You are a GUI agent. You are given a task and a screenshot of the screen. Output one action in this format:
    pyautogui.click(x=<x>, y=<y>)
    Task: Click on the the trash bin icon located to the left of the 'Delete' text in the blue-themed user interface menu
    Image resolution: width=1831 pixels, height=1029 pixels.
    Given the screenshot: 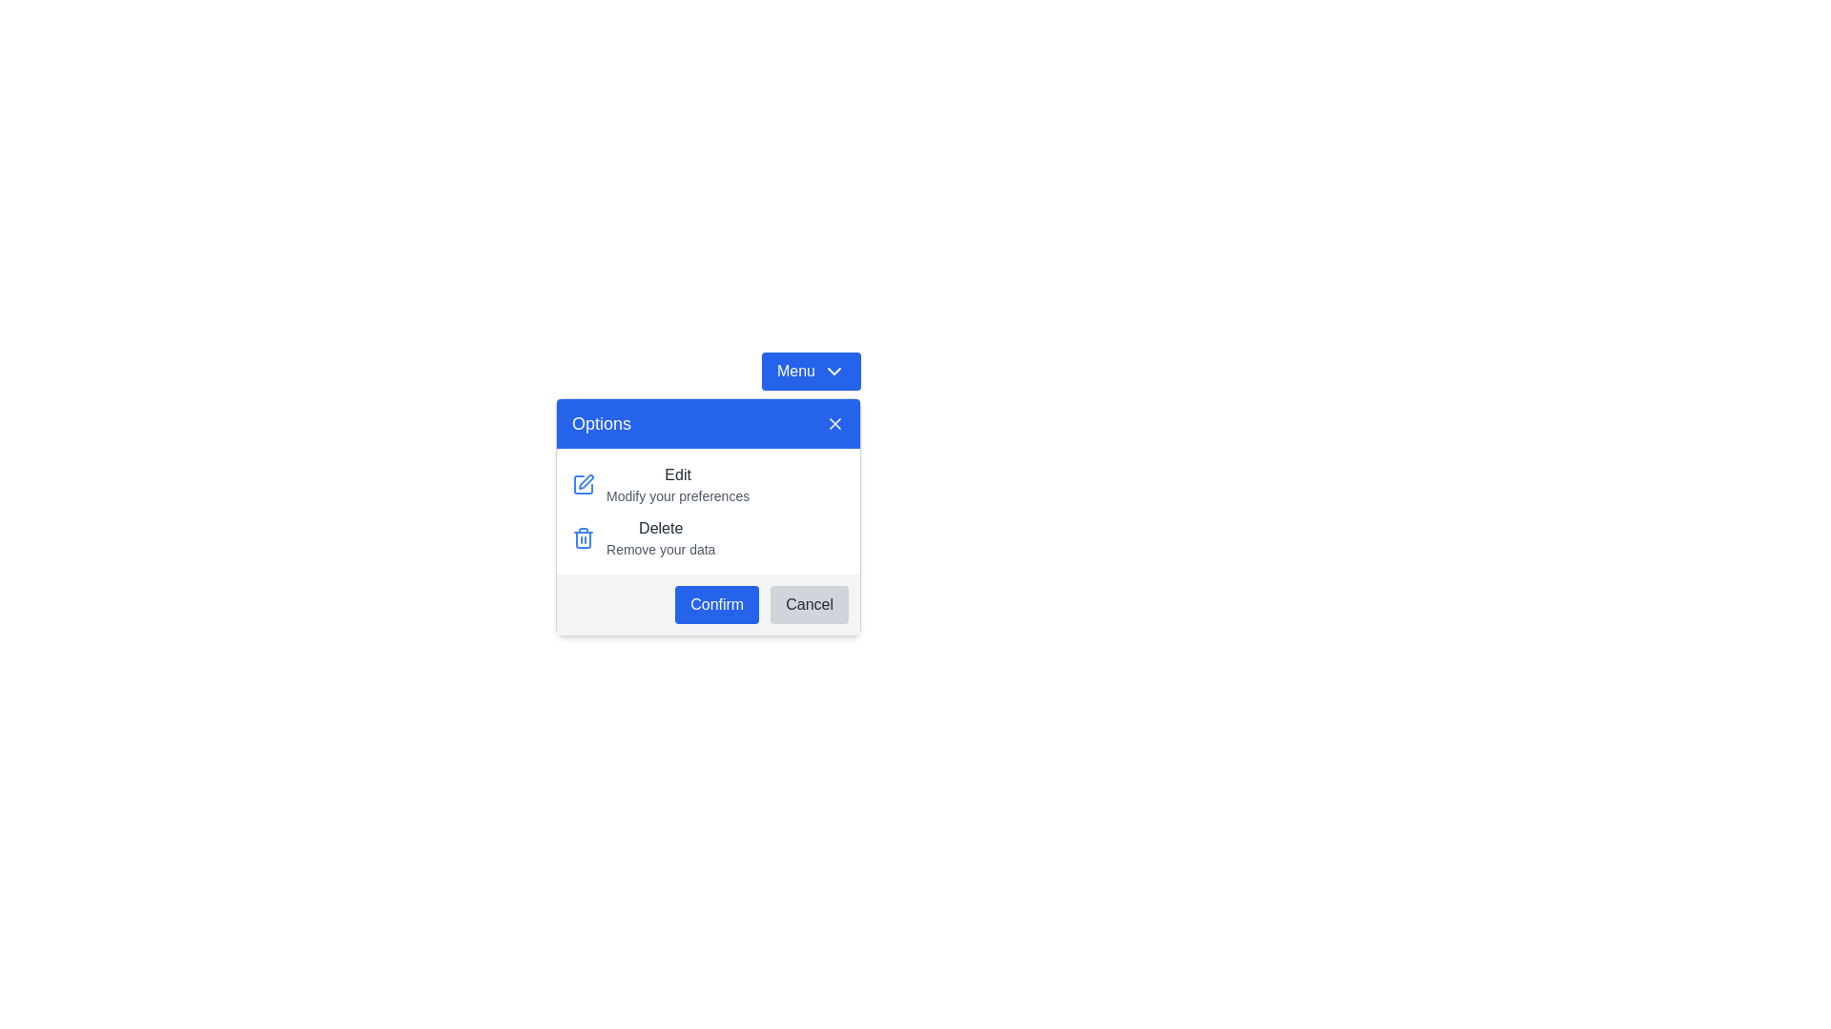 What is the action you would take?
    pyautogui.click(x=583, y=540)
    